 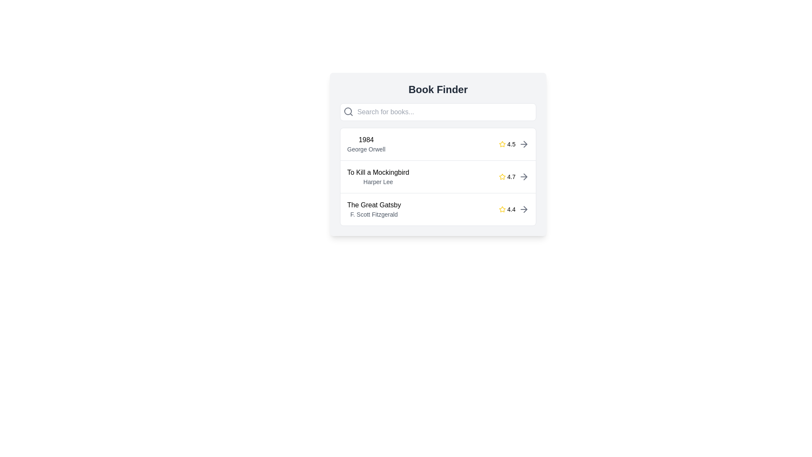 I want to click on the search icon styled as a magnifying glass located at the top-left corner of the search bar, so click(x=348, y=111).